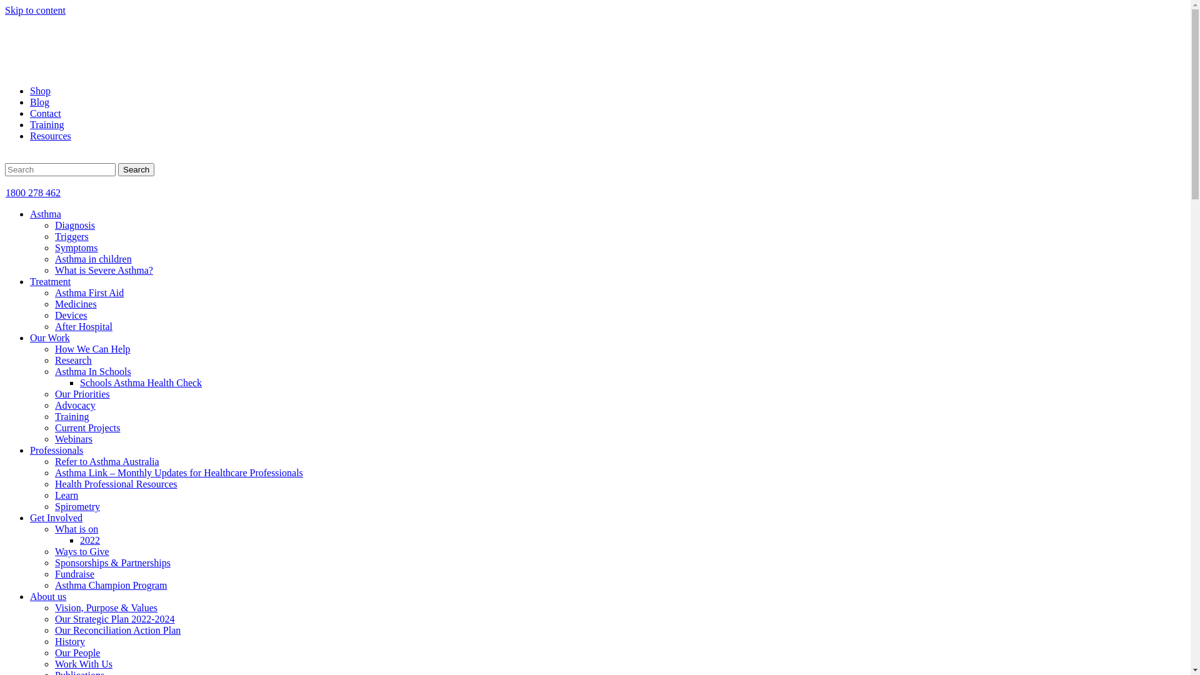 The width and height of the screenshot is (1200, 675). I want to click on 'Medicines', so click(54, 304).